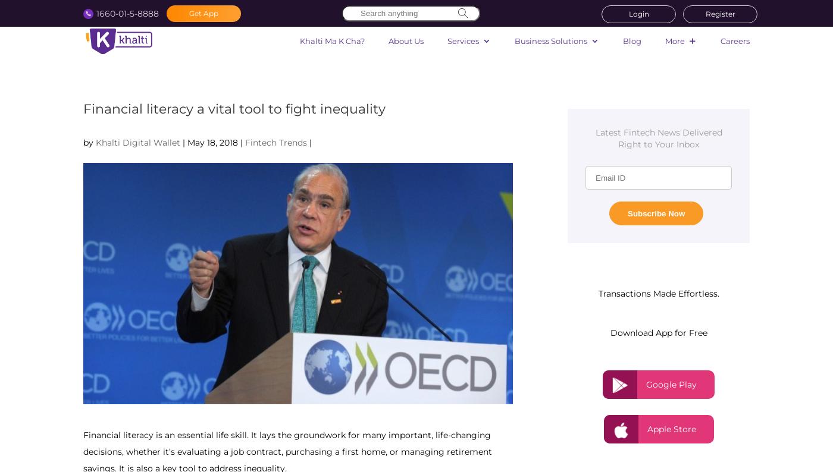 The height and width of the screenshot is (472, 833). What do you see at coordinates (677, 262) in the screenshot?
I see `'Bank Transfer'` at bounding box center [677, 262].